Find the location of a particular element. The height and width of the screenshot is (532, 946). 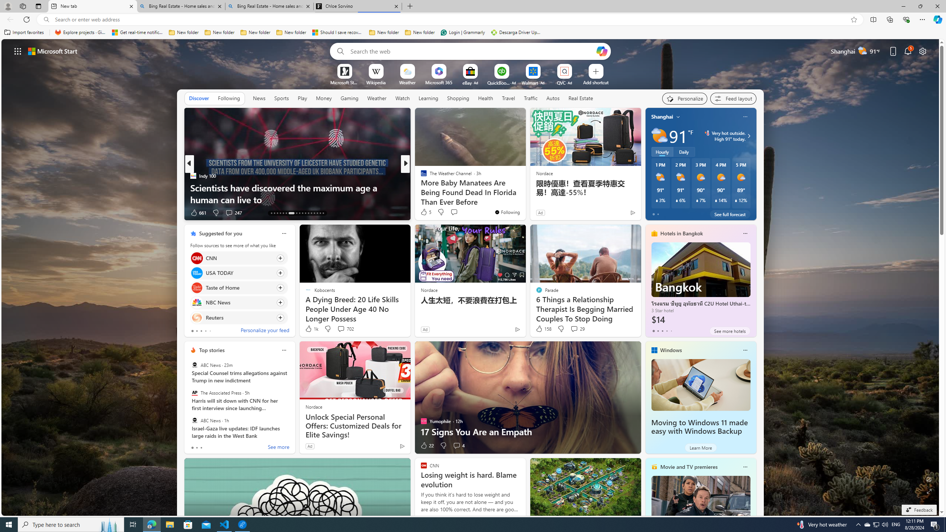

'See full forecast' is located at coordinates (729, 214).